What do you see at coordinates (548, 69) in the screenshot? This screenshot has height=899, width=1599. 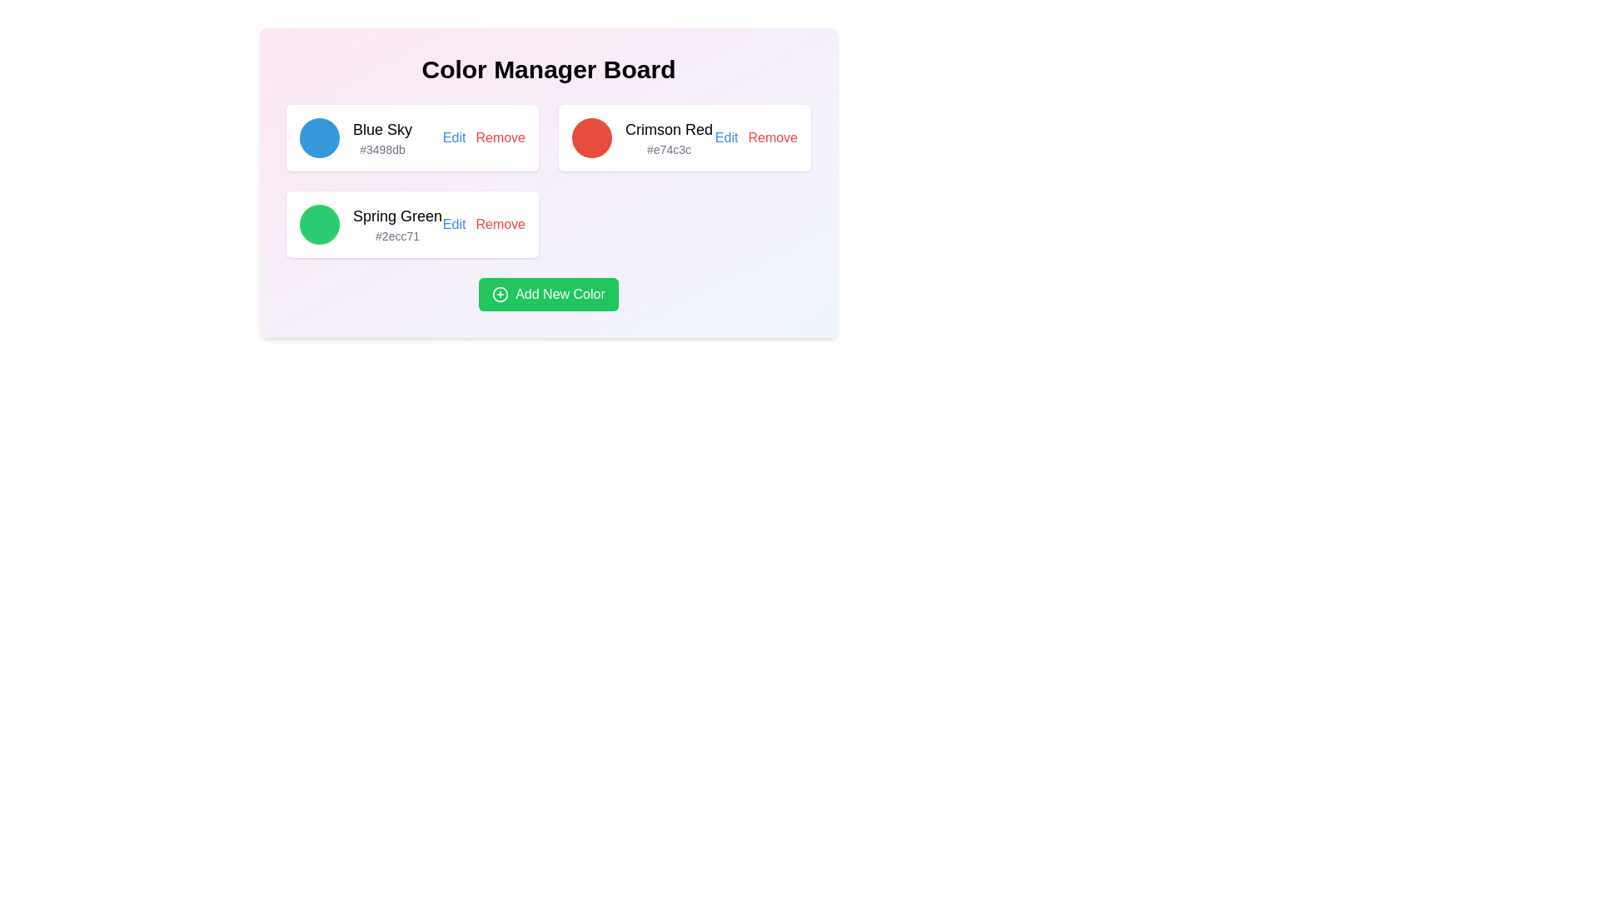 I see `the large, bold, center-aligned heading reading 'Color Manager Board', which is positioned at the top of the interface above the list of color entries and buttons` at bounding box center [548, 69].